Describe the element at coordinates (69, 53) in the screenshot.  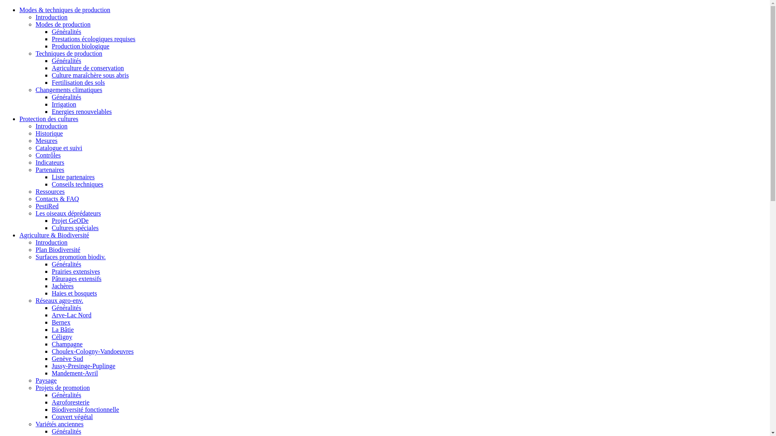
I see `'Techniques de production'` at that location.